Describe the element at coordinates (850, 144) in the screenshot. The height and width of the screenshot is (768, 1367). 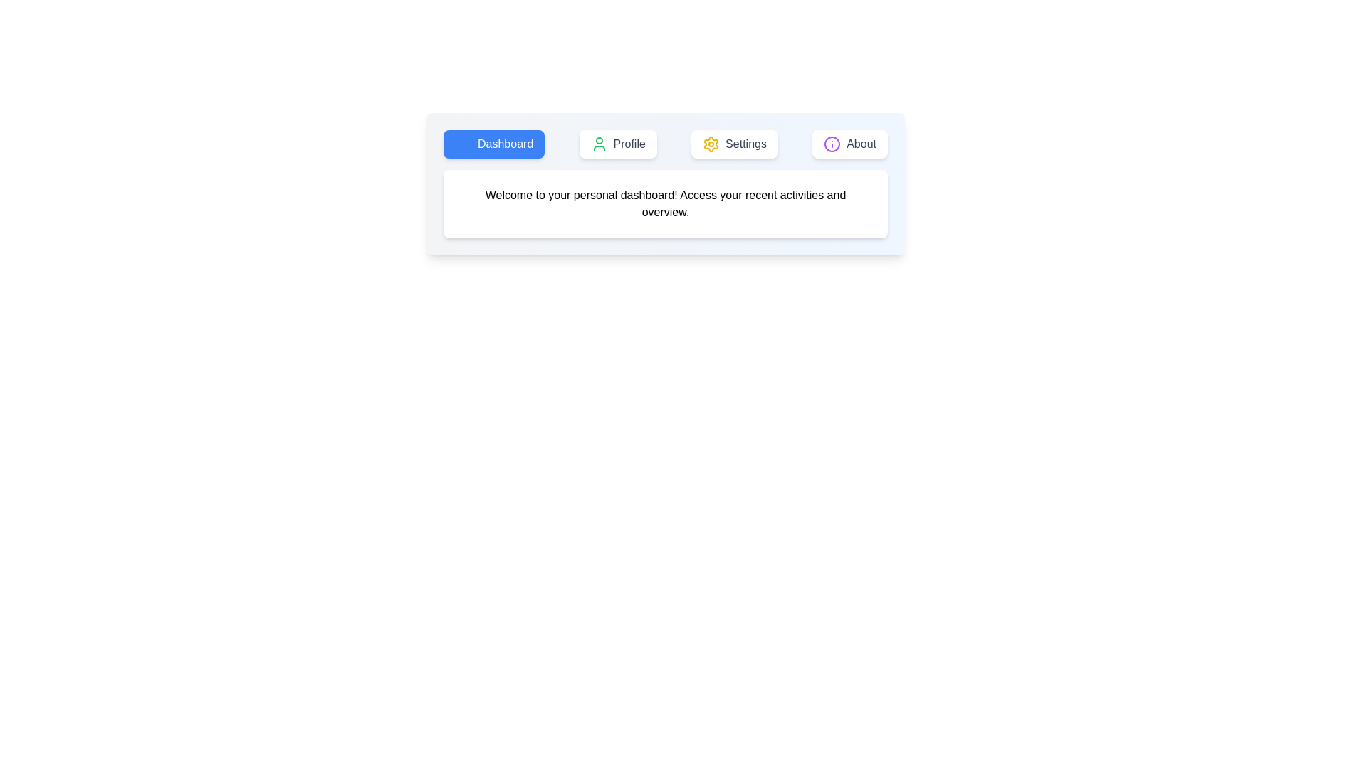
I see `the About tab to switch to its view` at that location.